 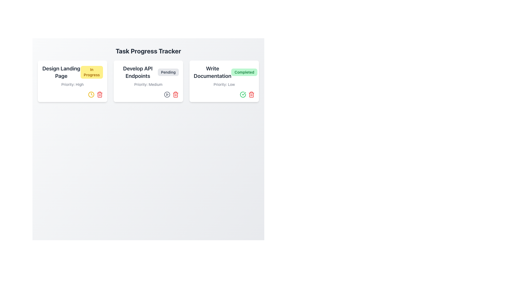 I want to click on the delete icon button located at the far right of the action icons row, so click(x=176, y=94).